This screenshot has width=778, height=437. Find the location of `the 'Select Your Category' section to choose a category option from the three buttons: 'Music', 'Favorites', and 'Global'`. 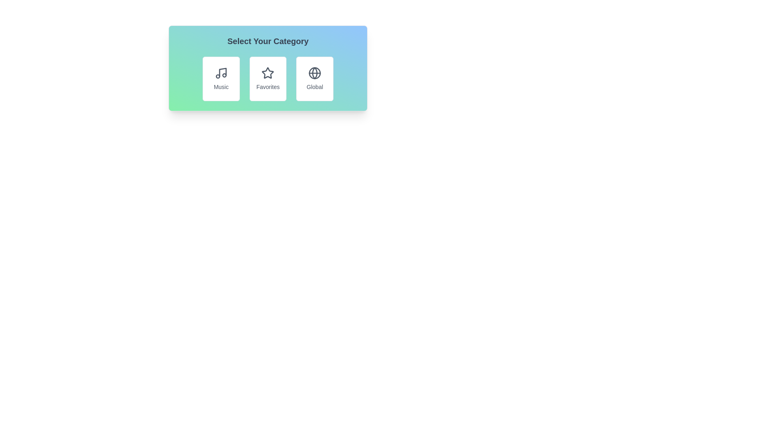

the 'Select Your Category' section to choose a category option from the three buttons: 'Music', 'Favorites', and 'Global' is located at coordinates (268, 68).